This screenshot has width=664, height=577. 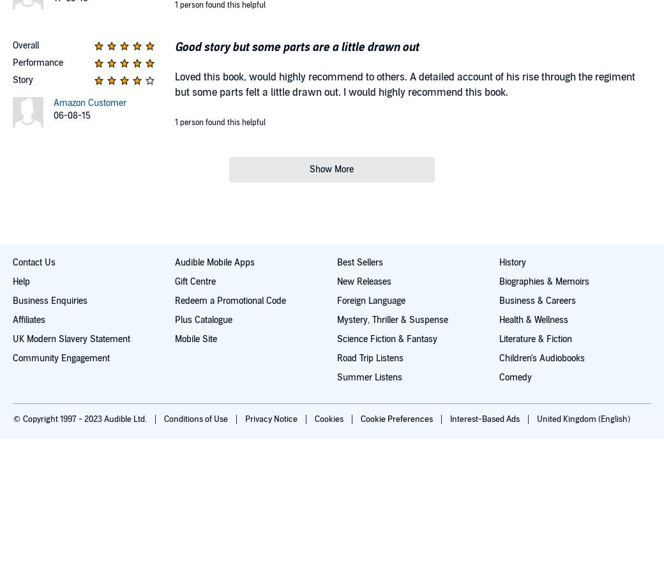 I want to click on 'Best Sellers', so click(x=359, y=262).